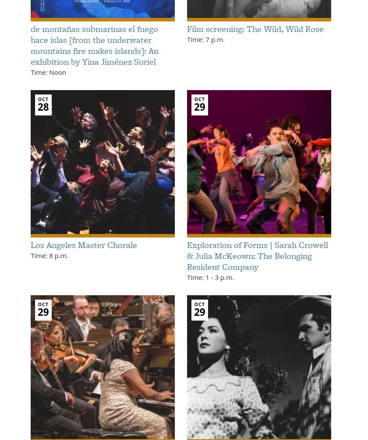 This screenshot has height=440, width=368. Describe the element at coordinates (211, 276) in the screenshot. I see `'-'` at that location.